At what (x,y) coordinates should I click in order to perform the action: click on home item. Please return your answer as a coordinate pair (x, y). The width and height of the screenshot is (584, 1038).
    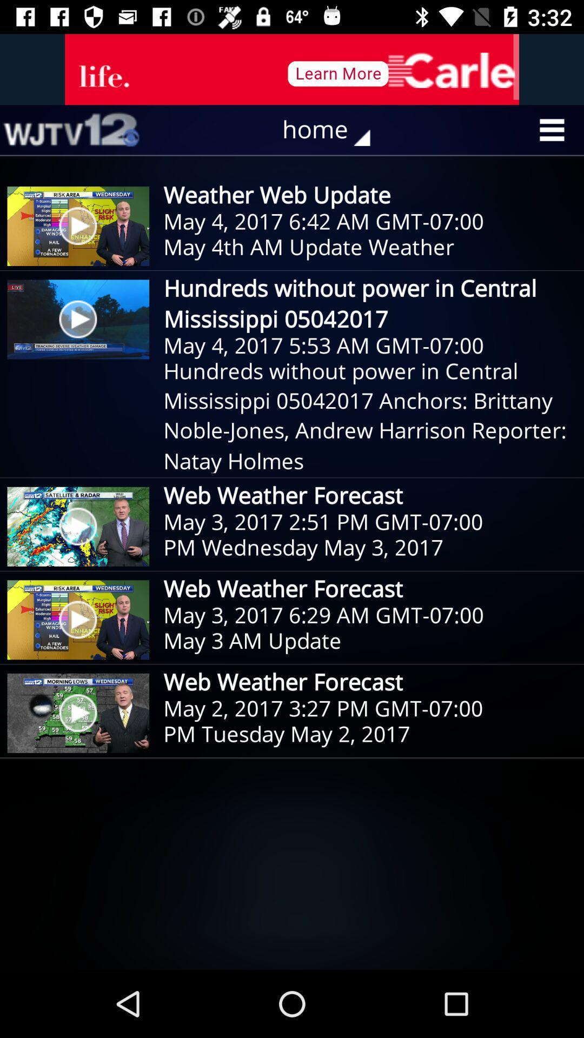
    Looking at the image, I should click on (333, 130).